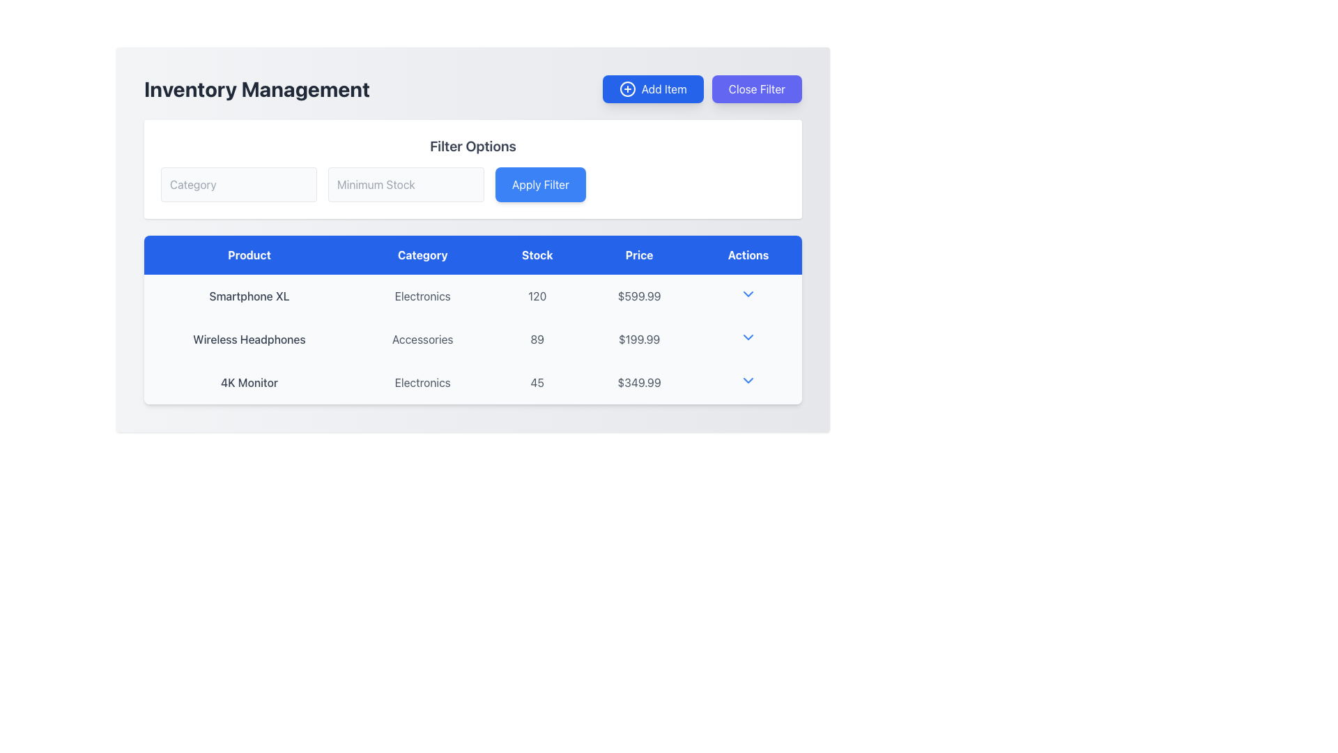  Describe the element at coordinates (422, 382) in the screenshot. I see `the 'Electronics' text label located in the second column of the last row within a tabular structure` at that location.